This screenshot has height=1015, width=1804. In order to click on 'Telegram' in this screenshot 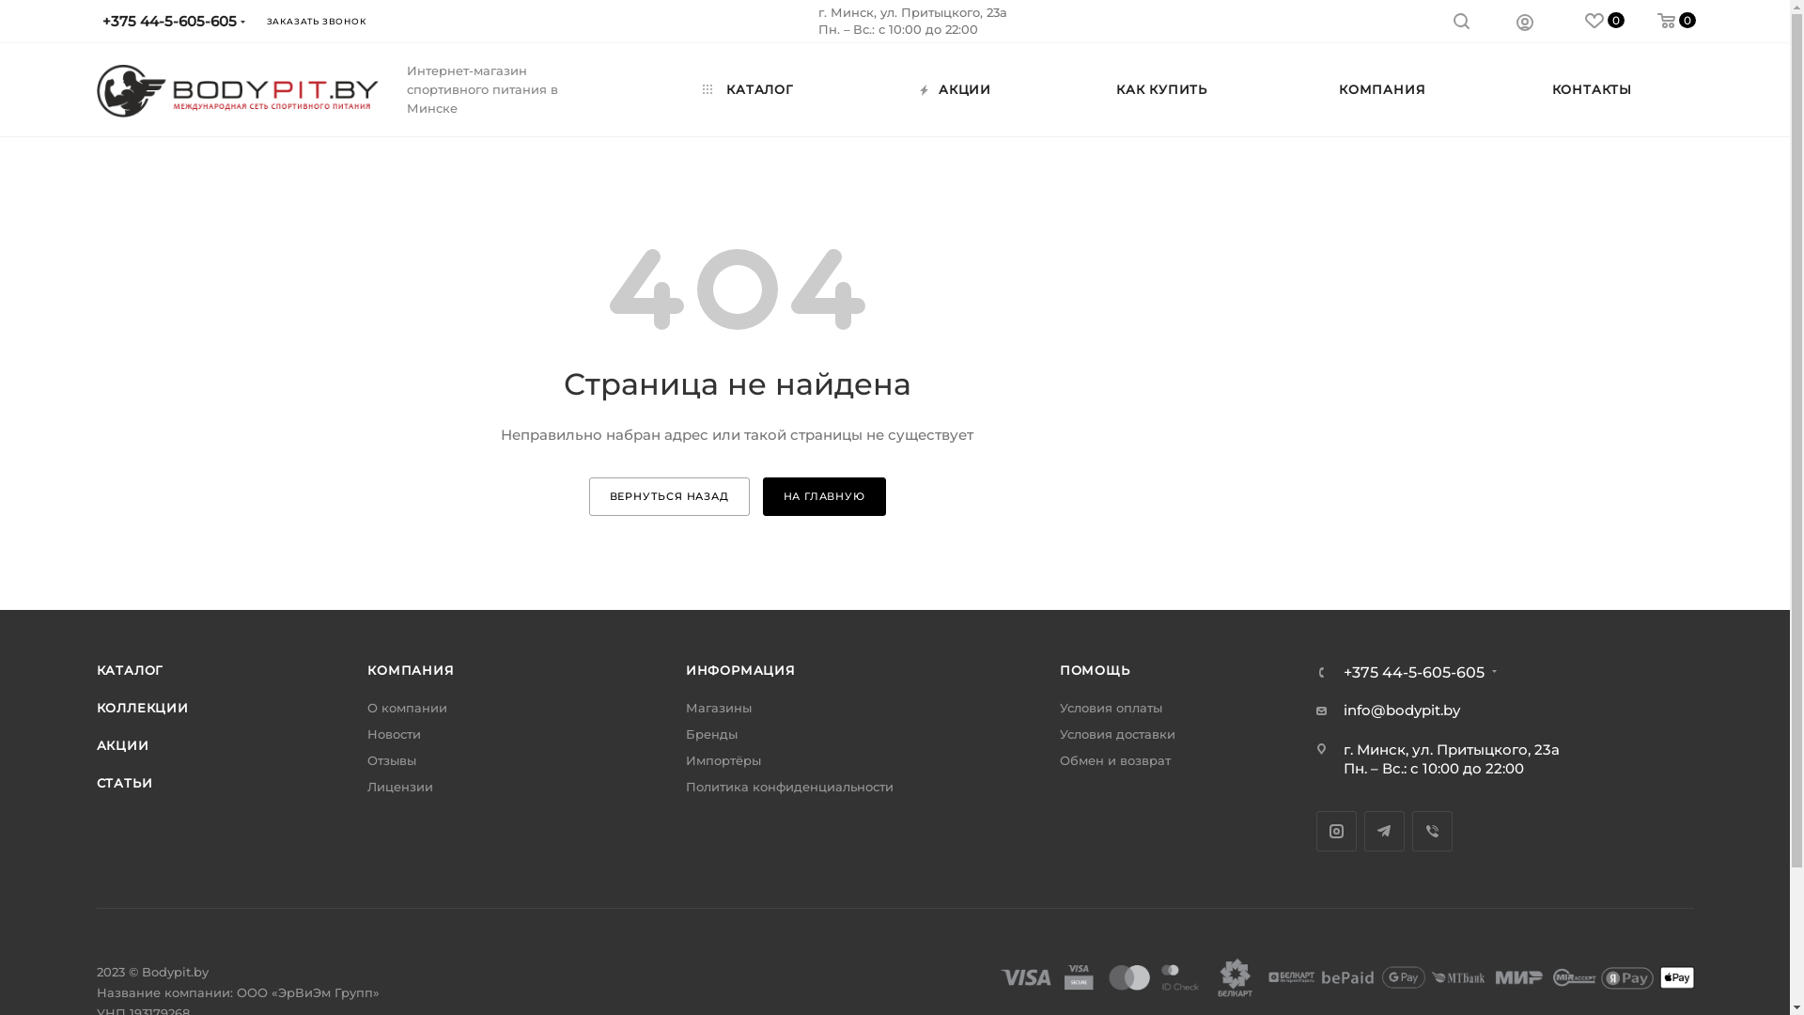, I will do `click(1384, 830)`.